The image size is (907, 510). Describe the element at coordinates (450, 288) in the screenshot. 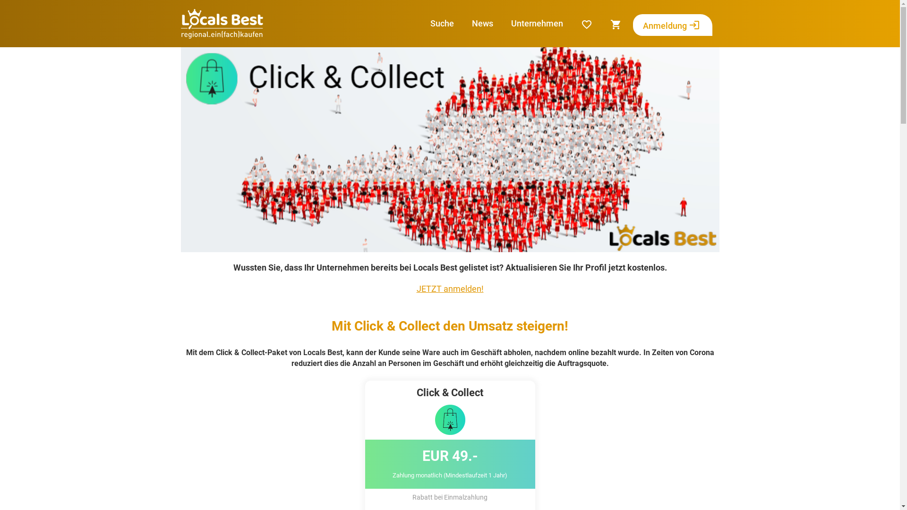

I see `'JETZT anmelden!'` at that location.